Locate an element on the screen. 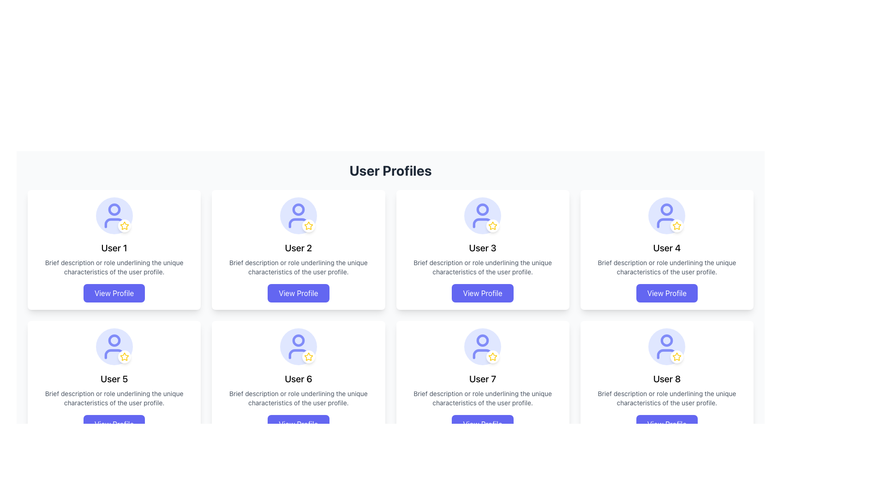  the decorative circular shape within the user profile icon located in the third profile card in the top row of the grid layout is located at coordinates (482, 209).